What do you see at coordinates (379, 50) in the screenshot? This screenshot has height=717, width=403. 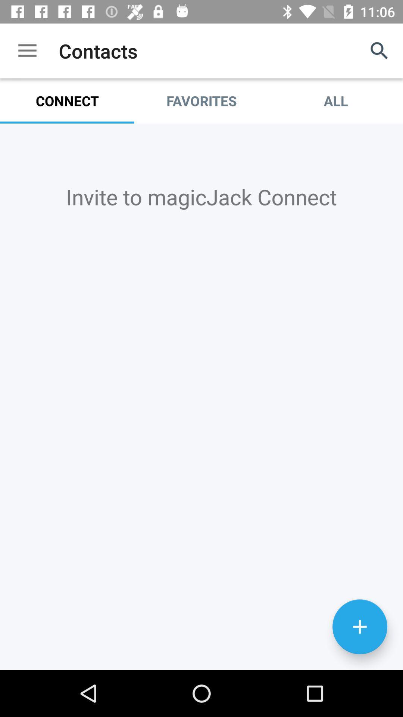 I see `icon to the right of the favorites icon` at bounding box center [379, 50].